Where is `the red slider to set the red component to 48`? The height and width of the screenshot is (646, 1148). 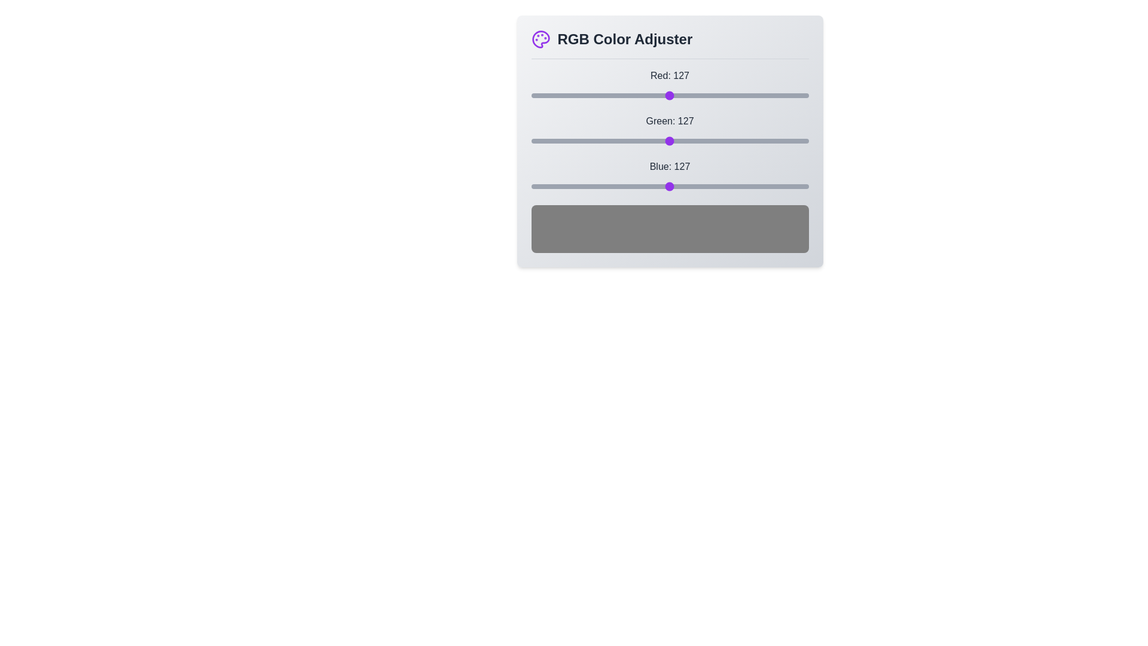 the red slider to set the red component to 48 is located at coordinates (583, 95).